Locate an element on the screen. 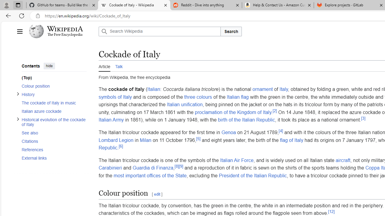  'flag of Italy' is located at coordinates (291, 140).